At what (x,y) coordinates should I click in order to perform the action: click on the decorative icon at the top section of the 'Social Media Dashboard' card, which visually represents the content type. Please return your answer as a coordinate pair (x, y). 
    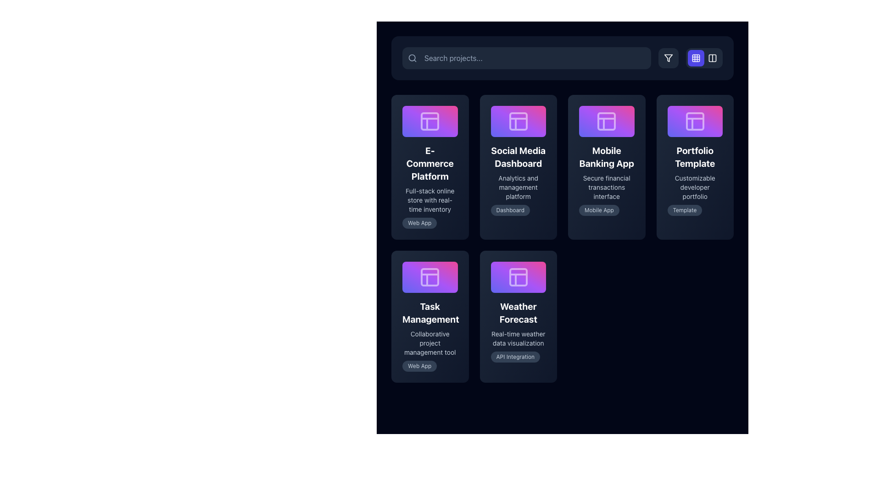
    Looking at the image, I should click on (518, 121).